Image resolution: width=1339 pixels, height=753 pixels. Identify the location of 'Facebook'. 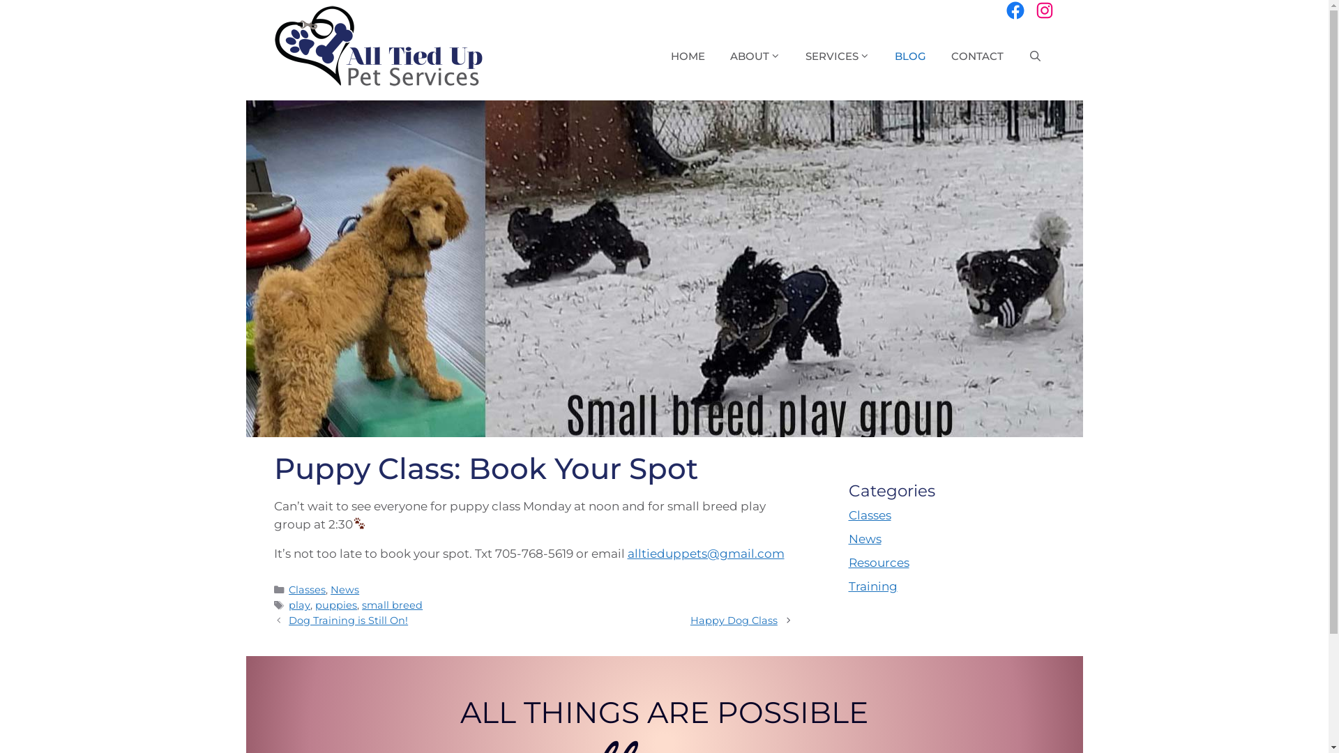
(1014, 10).